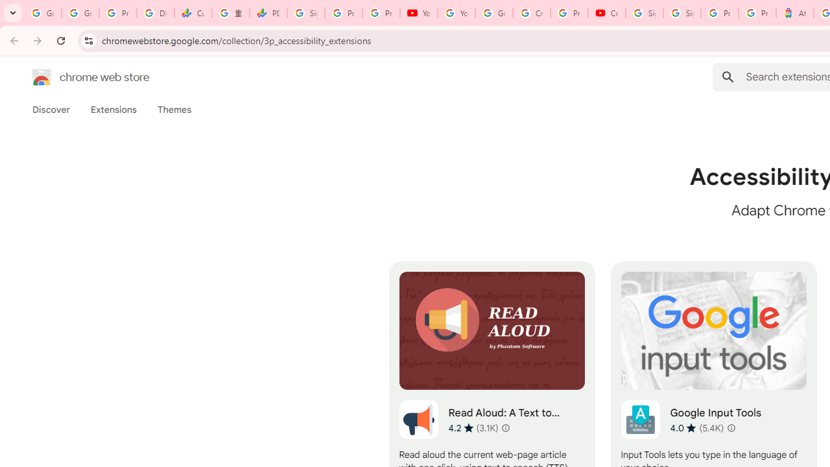 The width and height of the screenshot is (830, 467). What do you see at coordinates (682, 13) in the screenshot?
I see `'Sign in - Google Accounts'` at bounding box center [682, 13].